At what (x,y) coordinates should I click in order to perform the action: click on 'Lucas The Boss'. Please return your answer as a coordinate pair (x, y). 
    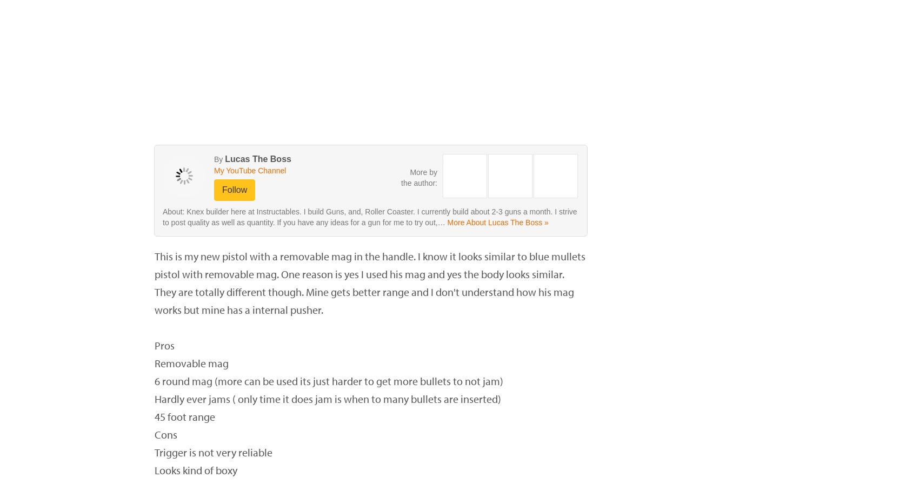
    Looking at the image, I should click on (258, 158).